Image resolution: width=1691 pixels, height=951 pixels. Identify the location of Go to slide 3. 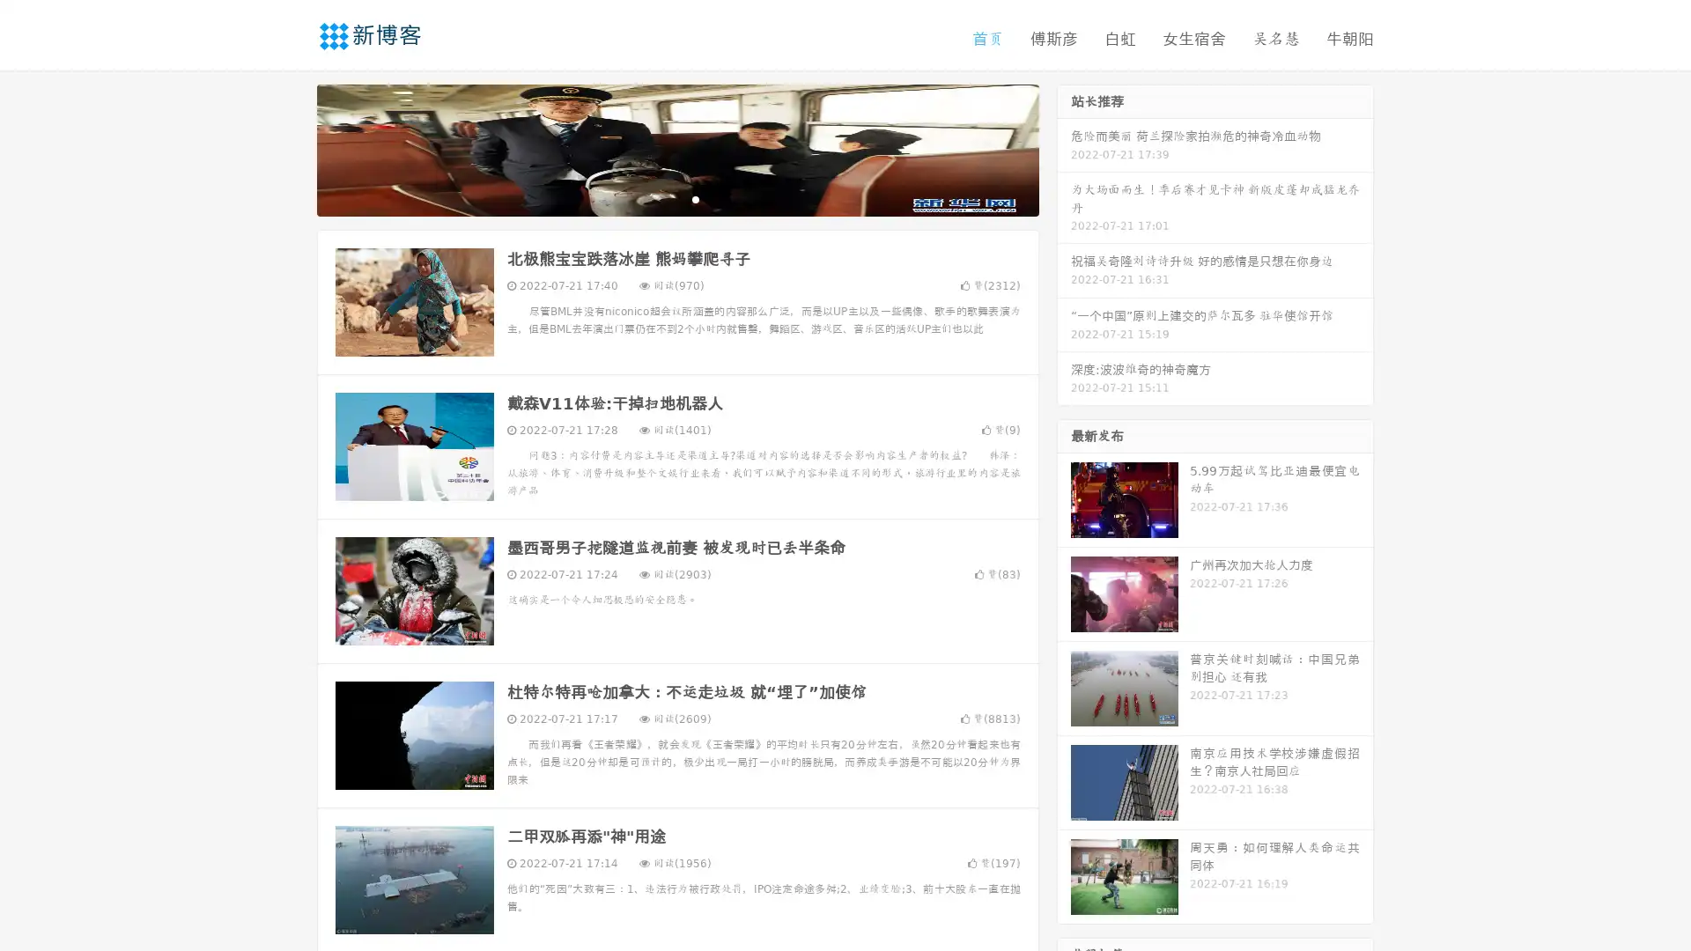
(695, 198).